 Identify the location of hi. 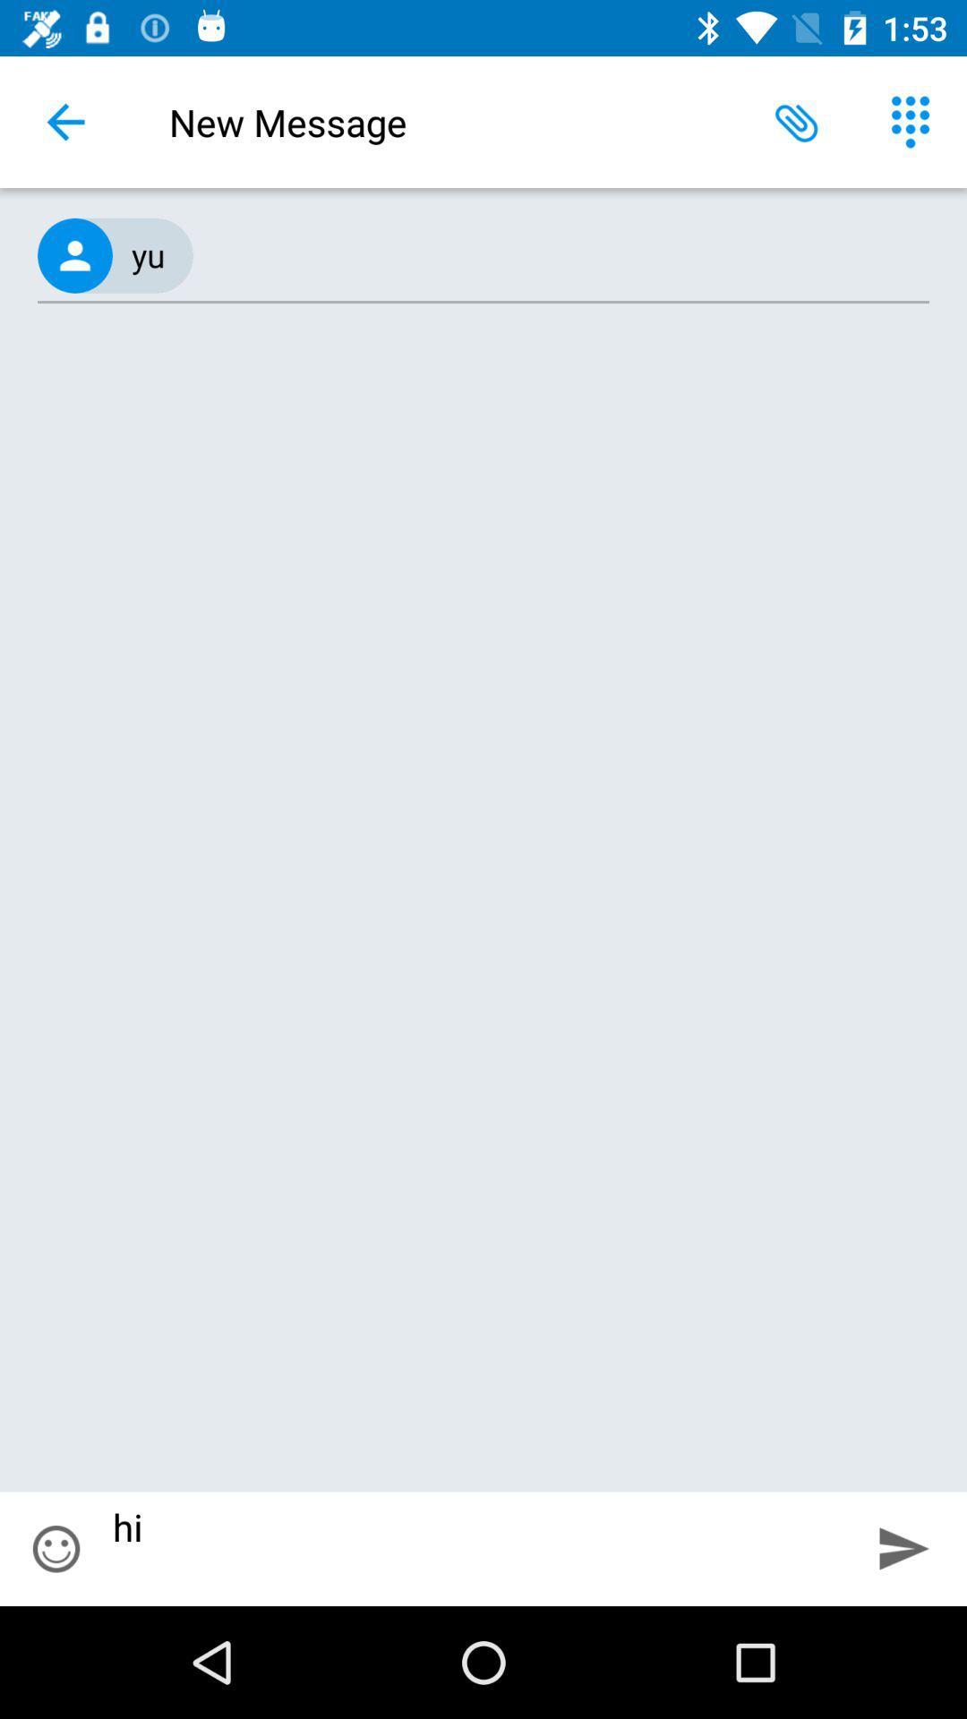
(476, 1548).